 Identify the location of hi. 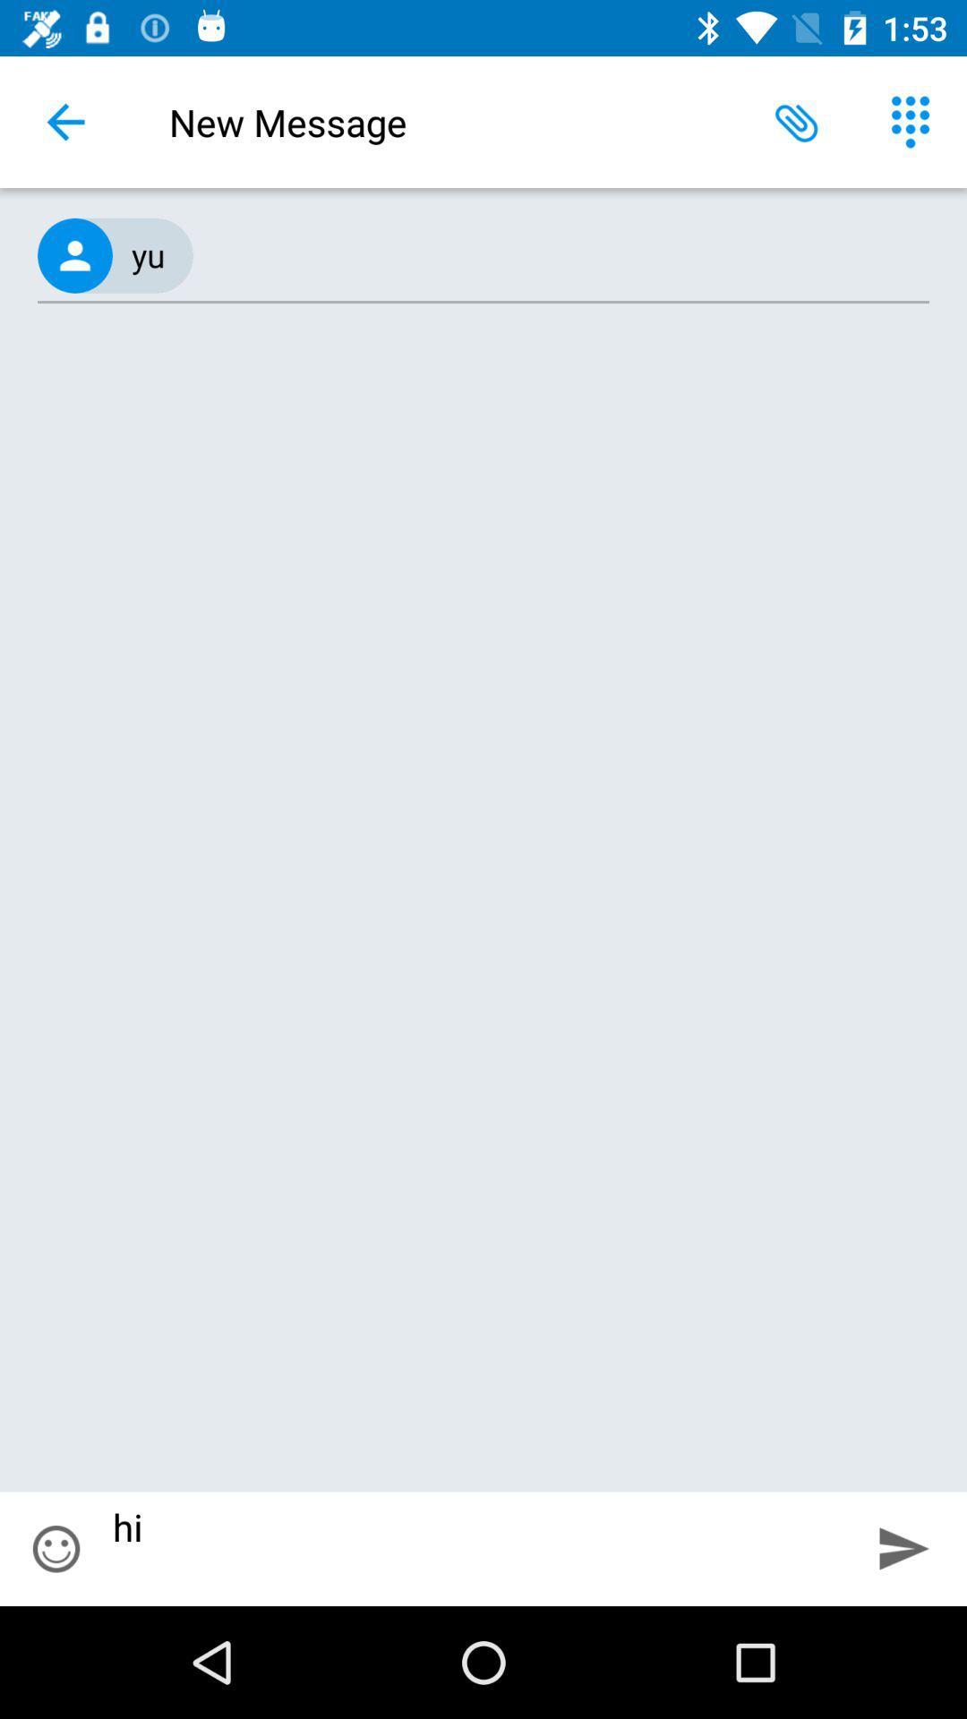
(476, 1548).